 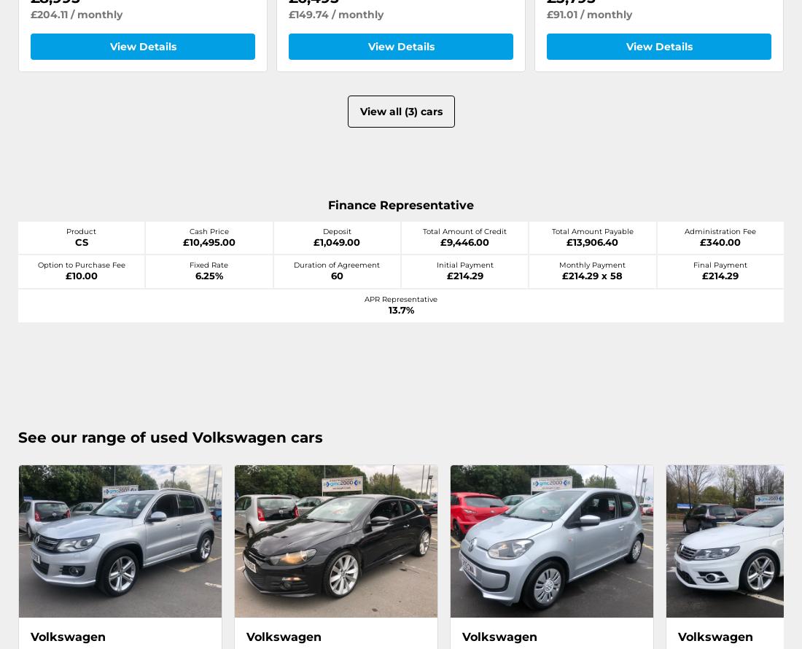 I want to click on 'View all (3) cars', so click(x=400, y=111).